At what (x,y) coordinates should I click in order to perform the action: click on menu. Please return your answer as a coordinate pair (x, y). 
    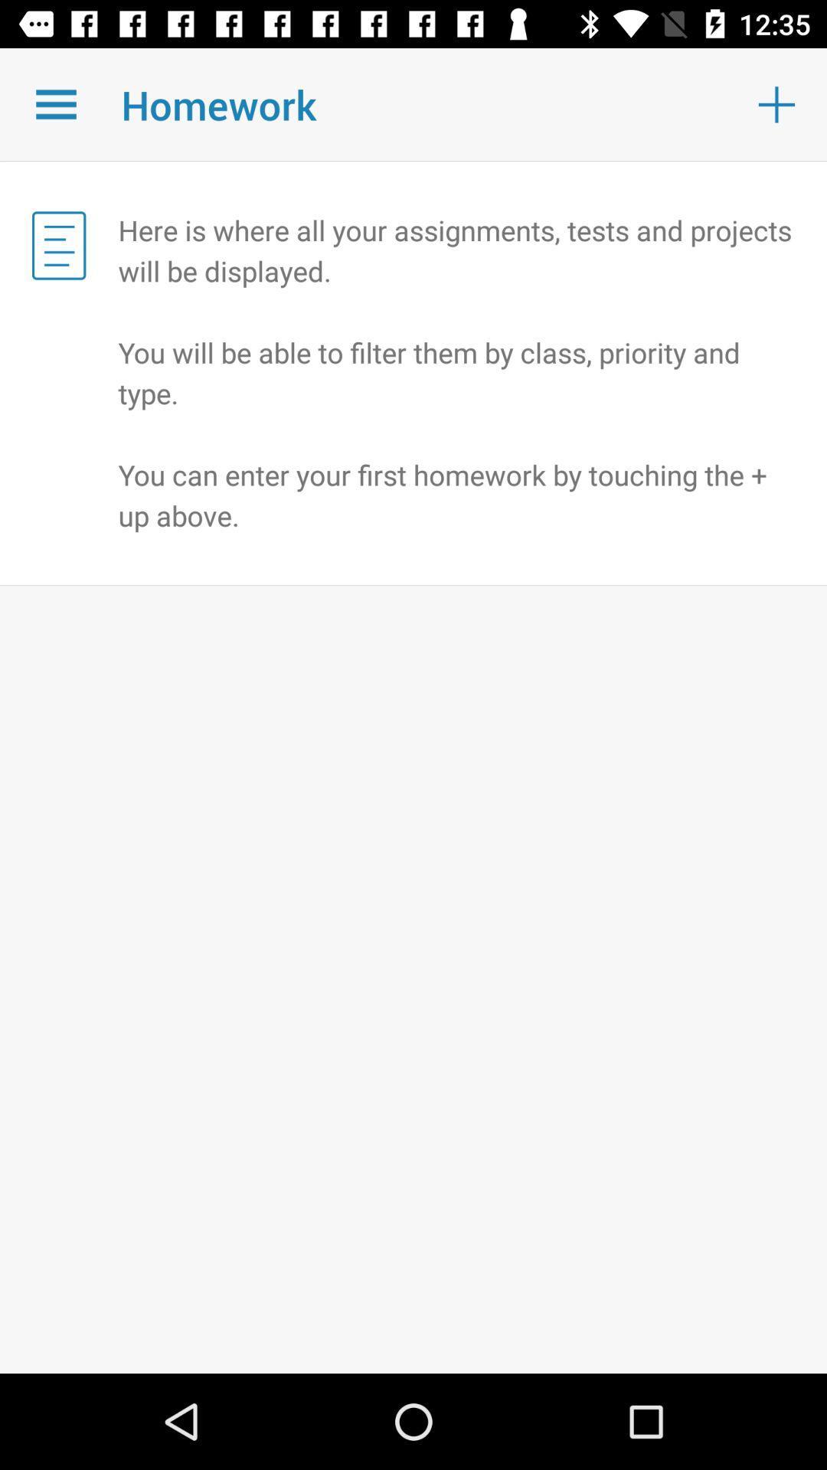
    Looking at the image, I should click on (55, 103).